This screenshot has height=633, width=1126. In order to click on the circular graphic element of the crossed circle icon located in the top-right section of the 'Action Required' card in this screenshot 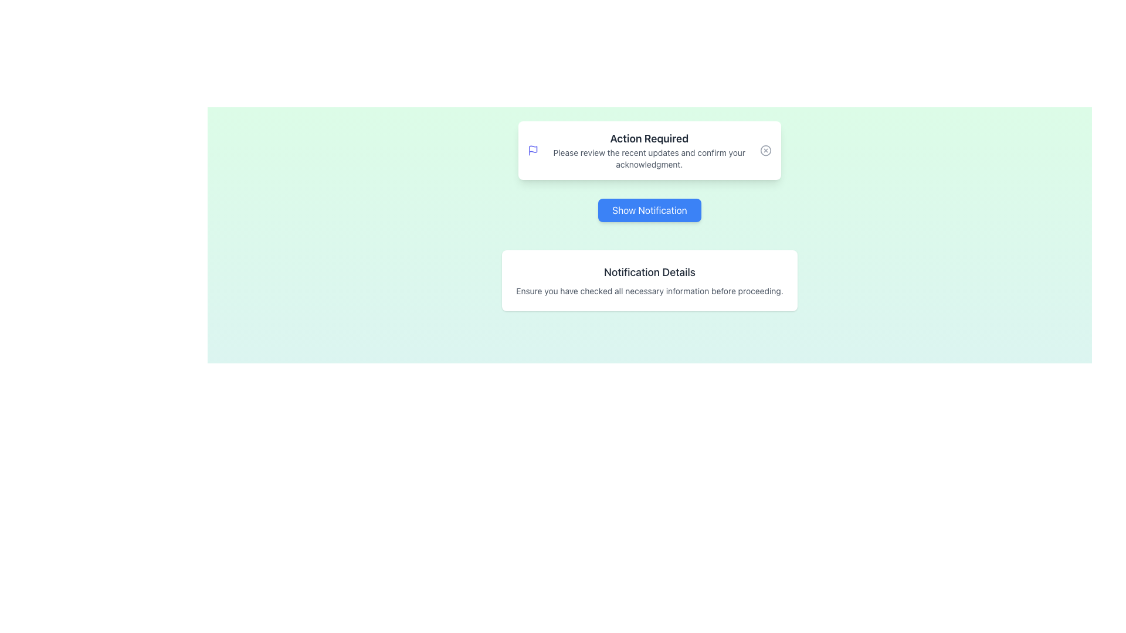, I will do `click(765, 150)`.